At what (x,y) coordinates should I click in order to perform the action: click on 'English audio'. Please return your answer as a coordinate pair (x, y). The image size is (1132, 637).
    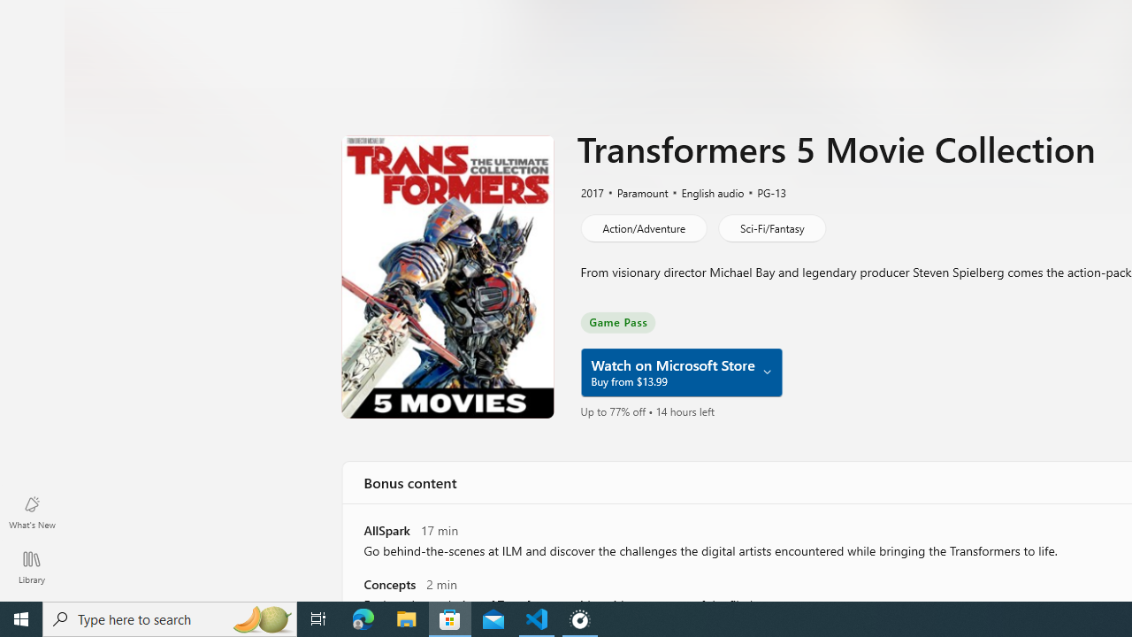
    Looking at the image, I should click on (704, 192).